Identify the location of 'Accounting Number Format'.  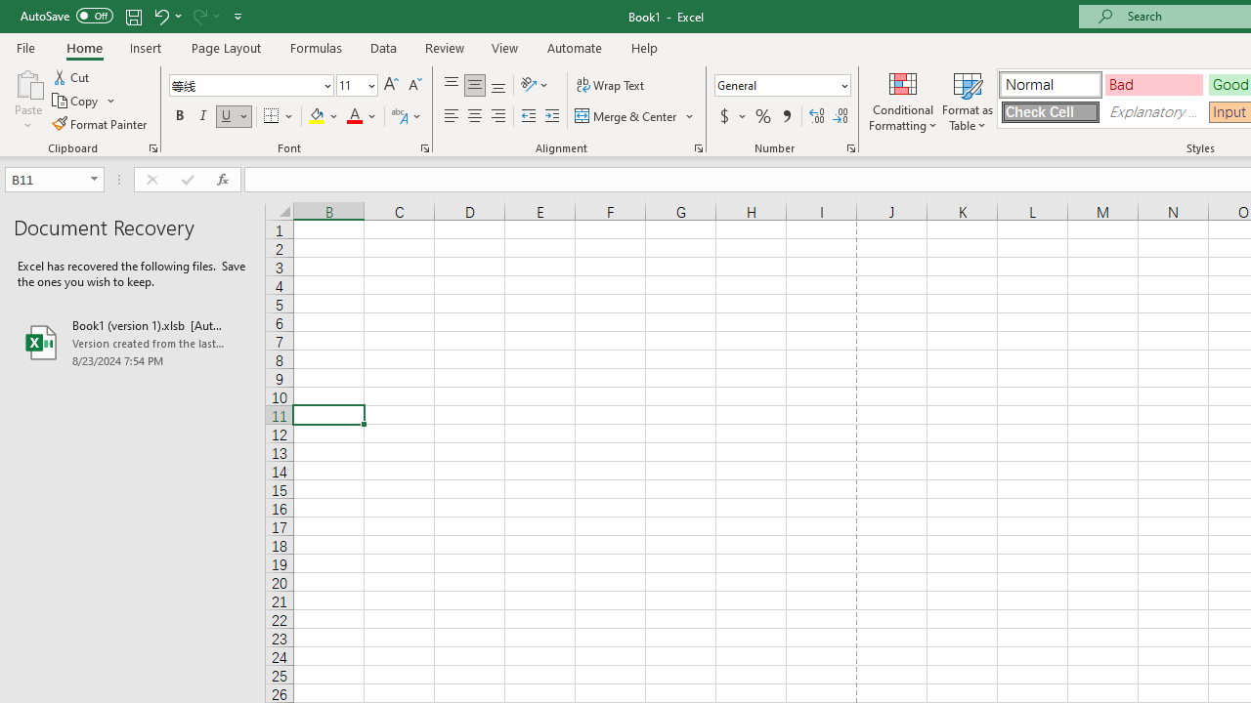
(731, 116).